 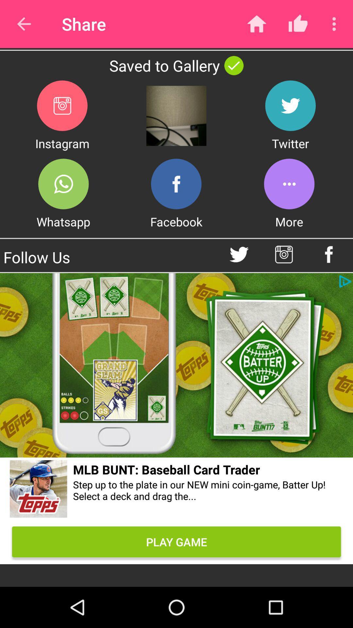 I want to click on instagram, so click(x=62, y=106).